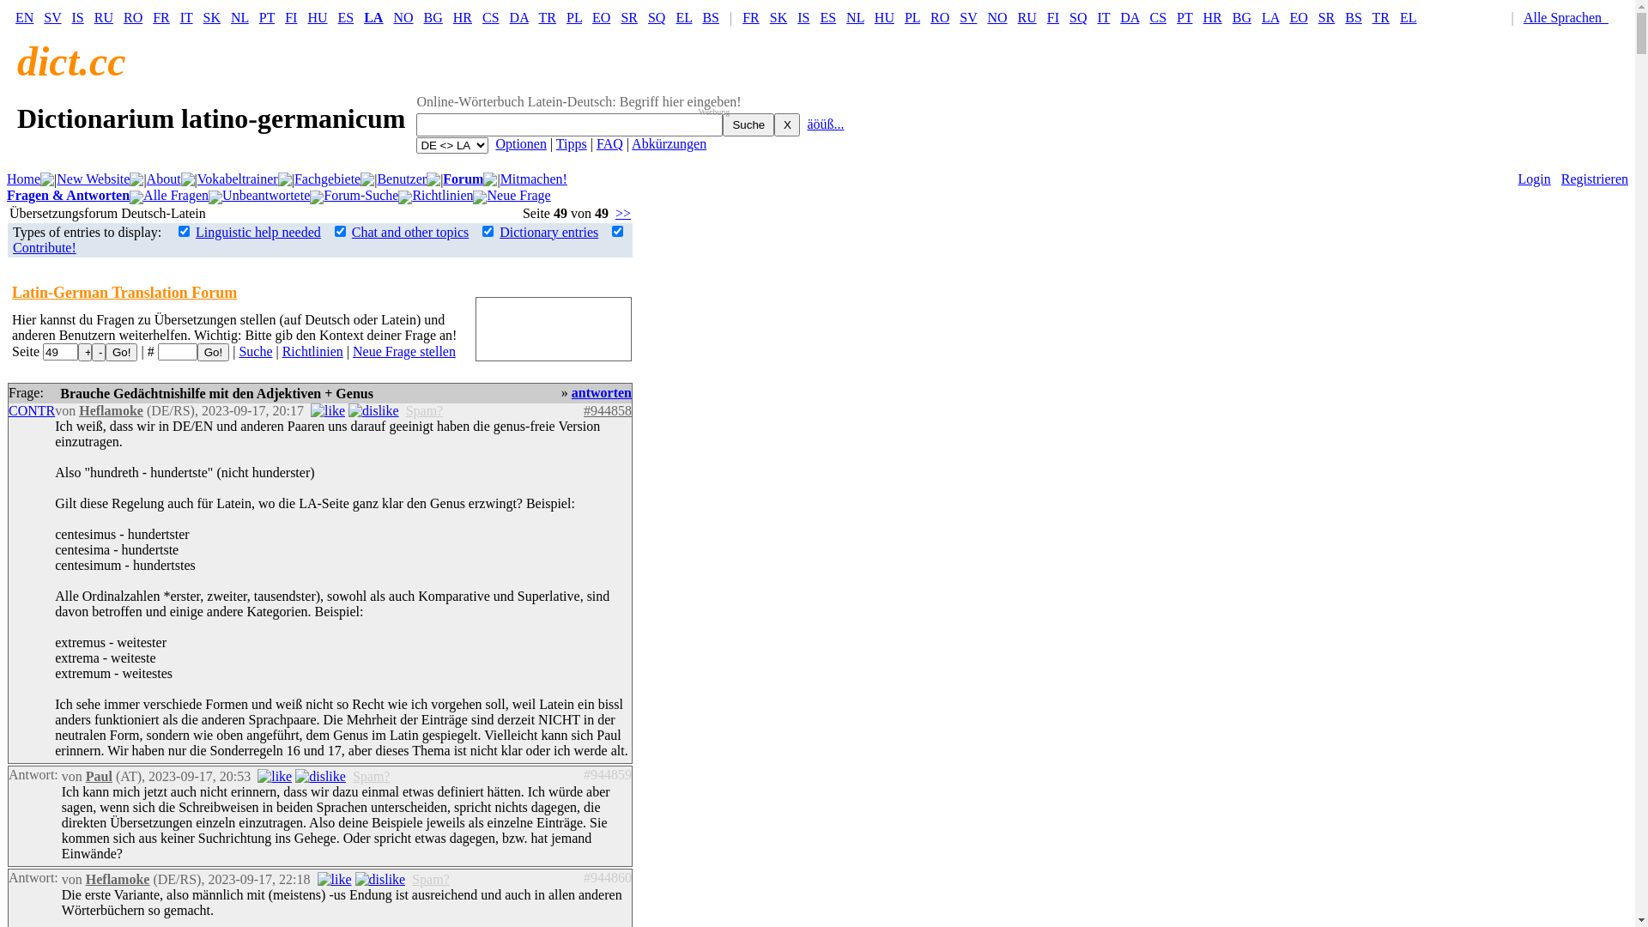  I want to click on 'NO', so click(997, 17).